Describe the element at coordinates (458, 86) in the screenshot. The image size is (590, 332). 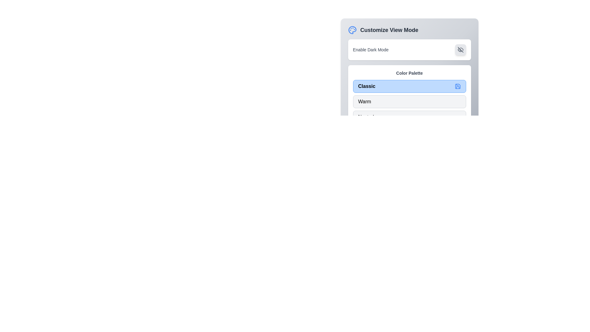
I see `the 'save' icon located to the far right of the 'Classic' button in the 'Color Palette' section` at that location.